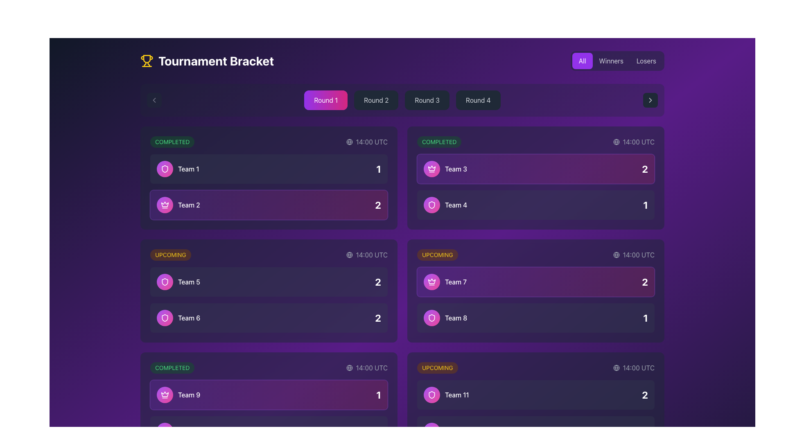 The width and height of the screenshot is (786, 442). Describe the element at coordinates (376, 100) in the screenshot. I see `the navigation button labeled 'Round 2' located at the top center of the interface, just below the title 'Tournament Bracket'` at that location.